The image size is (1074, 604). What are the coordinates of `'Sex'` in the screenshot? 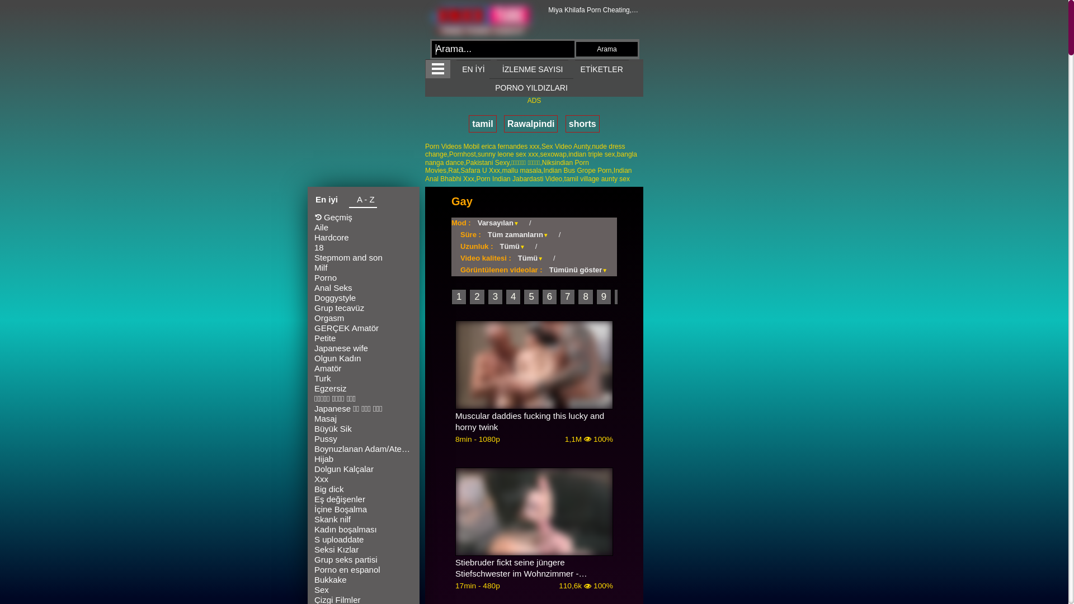 It's located at (313, 589).